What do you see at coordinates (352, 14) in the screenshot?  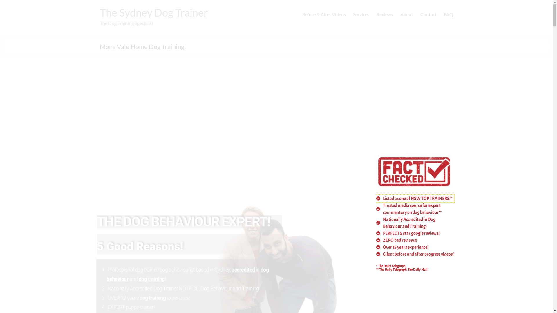 I see `'Services'` at bounding box center [352, 14].